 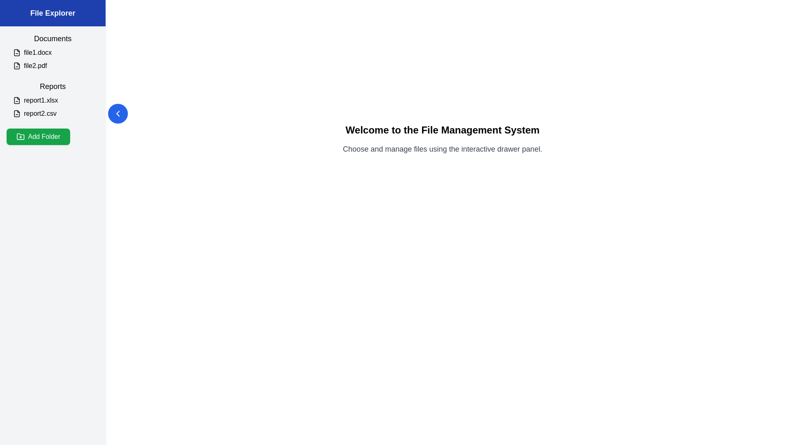 What do you see at coordinates (442, 149) in the screenshot?
I see `the text label providing instructions related to managing files, located centrally below the main heading 'Welcome to the File Management System'` at bounding box center [442, 149].